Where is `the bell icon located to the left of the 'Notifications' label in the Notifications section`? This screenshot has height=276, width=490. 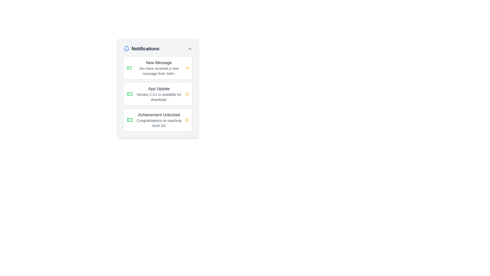
the bell icon located to the left of the 'Notifications' label in the Notifications section is located at coordinates (126, 49).